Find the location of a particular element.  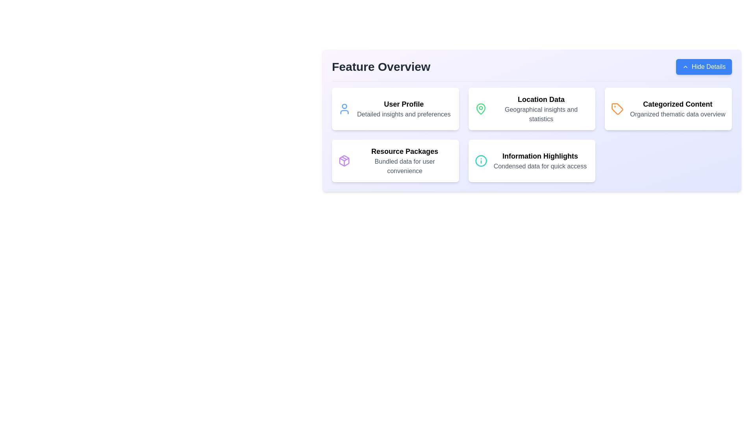

the non-interactive Text label that serves as the title text of a feature card, located in the bottom right section of the grid layout, below an information icon is located at coordinates (540, 156).